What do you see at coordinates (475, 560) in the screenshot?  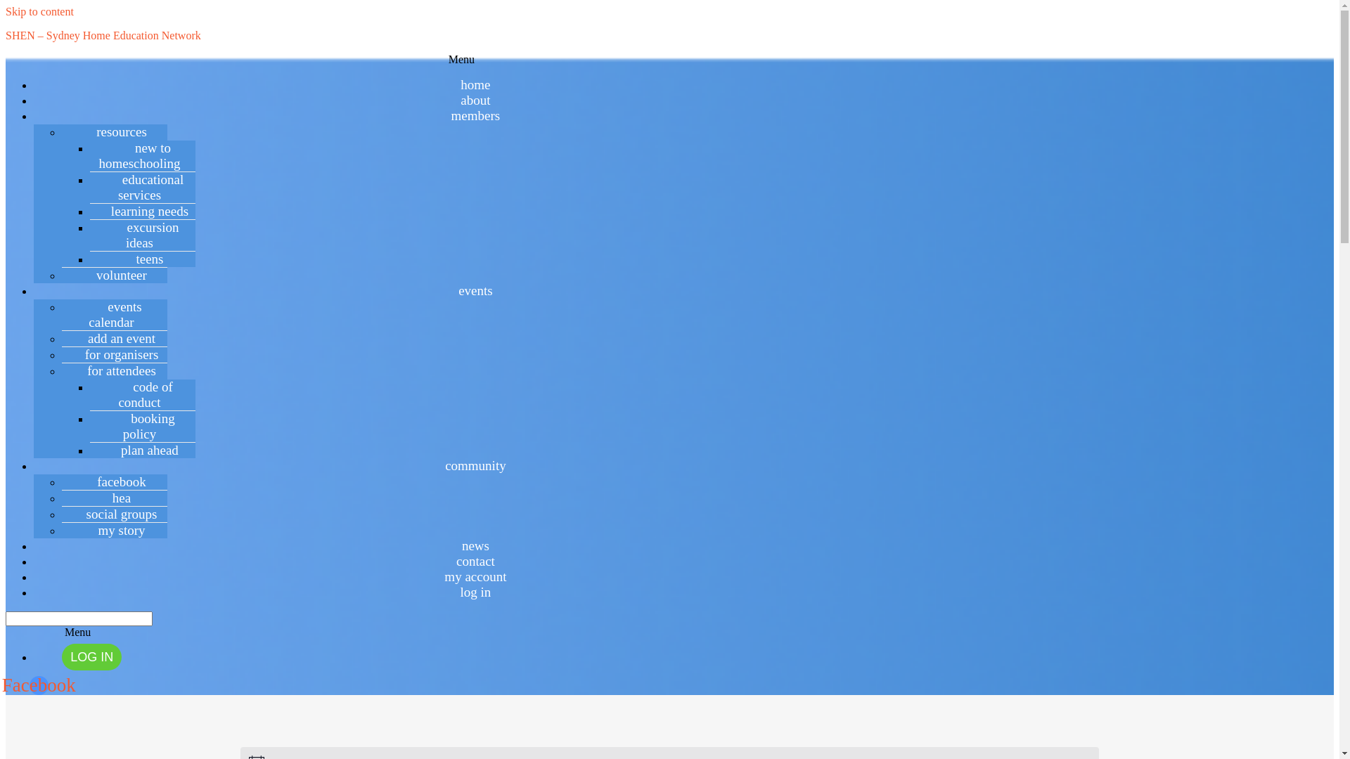 I see `'contact'` at bounding box center [475, 560].